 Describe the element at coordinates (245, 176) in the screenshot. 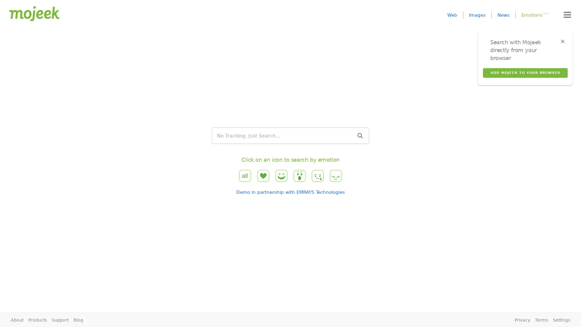

I see `all` at that location.